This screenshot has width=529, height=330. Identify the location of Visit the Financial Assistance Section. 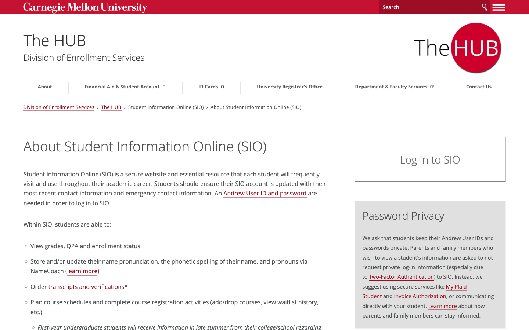
(134, 86).